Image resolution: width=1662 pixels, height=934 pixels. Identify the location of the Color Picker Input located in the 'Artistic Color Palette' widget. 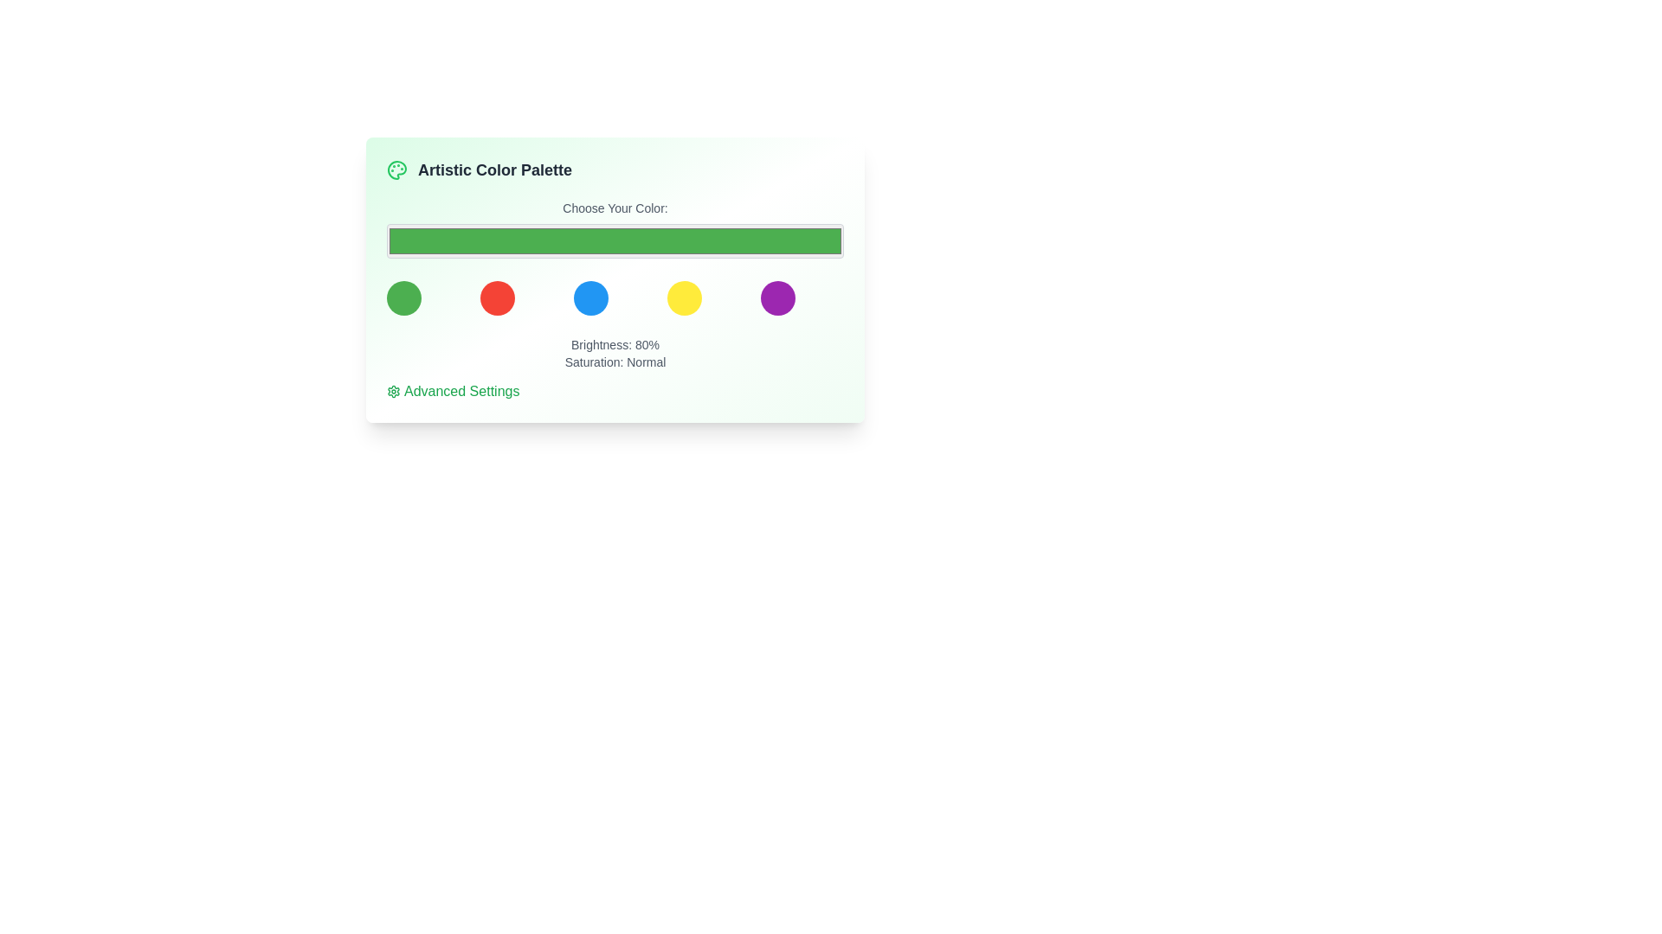
(615, 229).